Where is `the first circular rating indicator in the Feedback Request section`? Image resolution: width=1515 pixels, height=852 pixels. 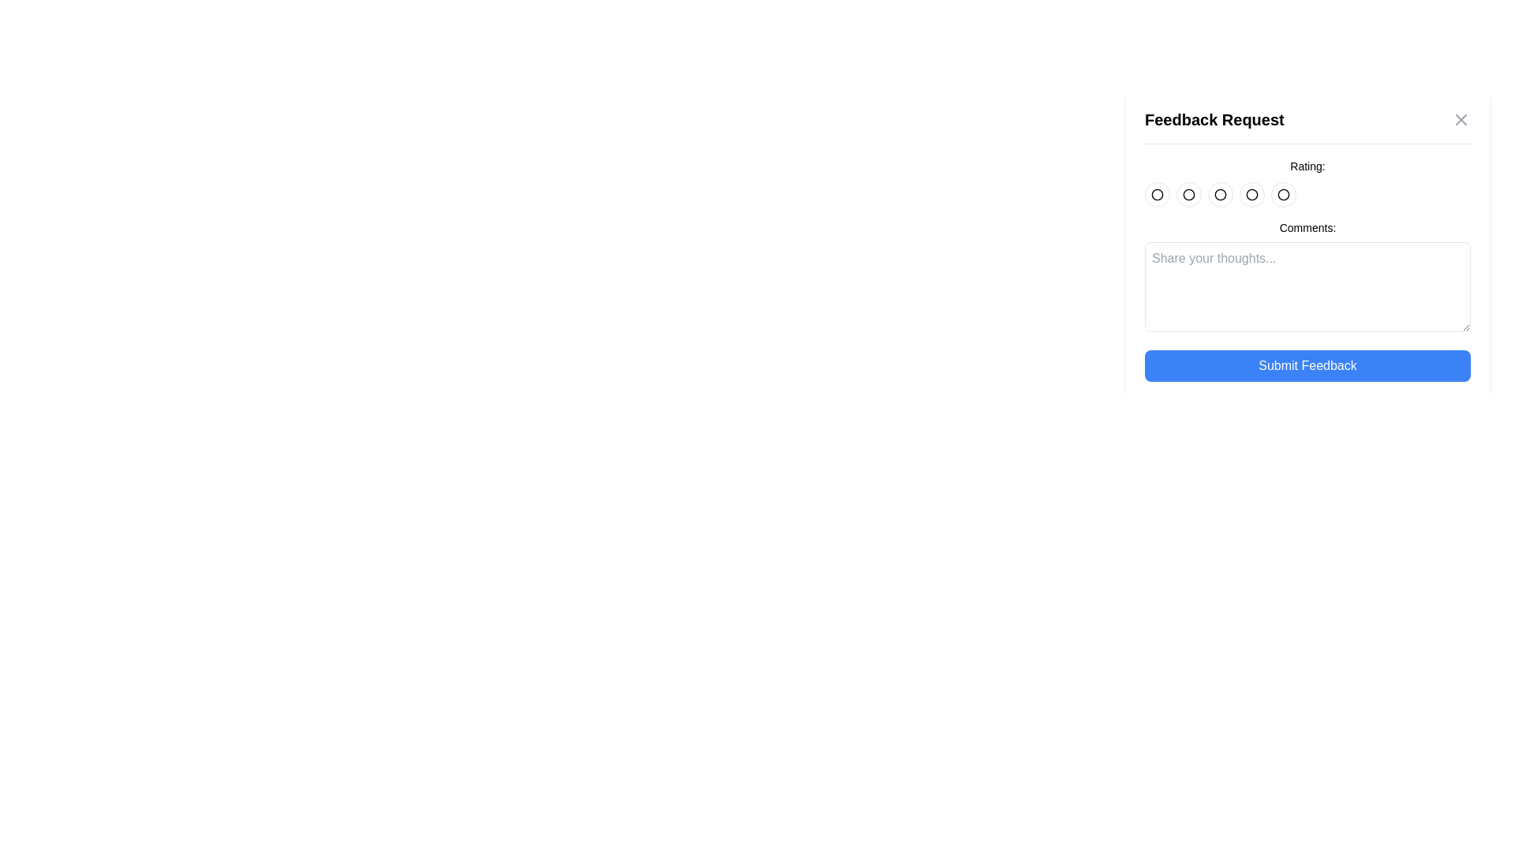 the first circular rating indicator in the Feedback Request section is located at coordinates (1158, 193).